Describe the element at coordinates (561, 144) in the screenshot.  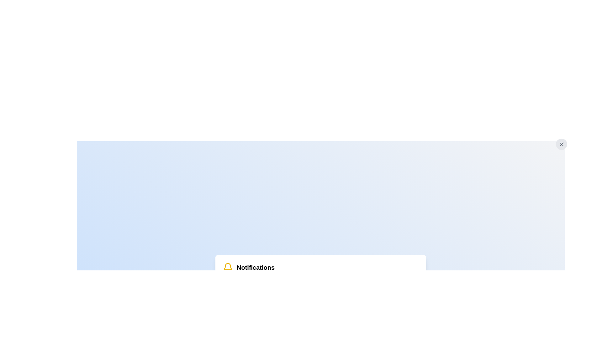
I see `the circular close button with a light gray background and a darker gray 'X' icon, located in the top-right corner of the notification card` at that location.